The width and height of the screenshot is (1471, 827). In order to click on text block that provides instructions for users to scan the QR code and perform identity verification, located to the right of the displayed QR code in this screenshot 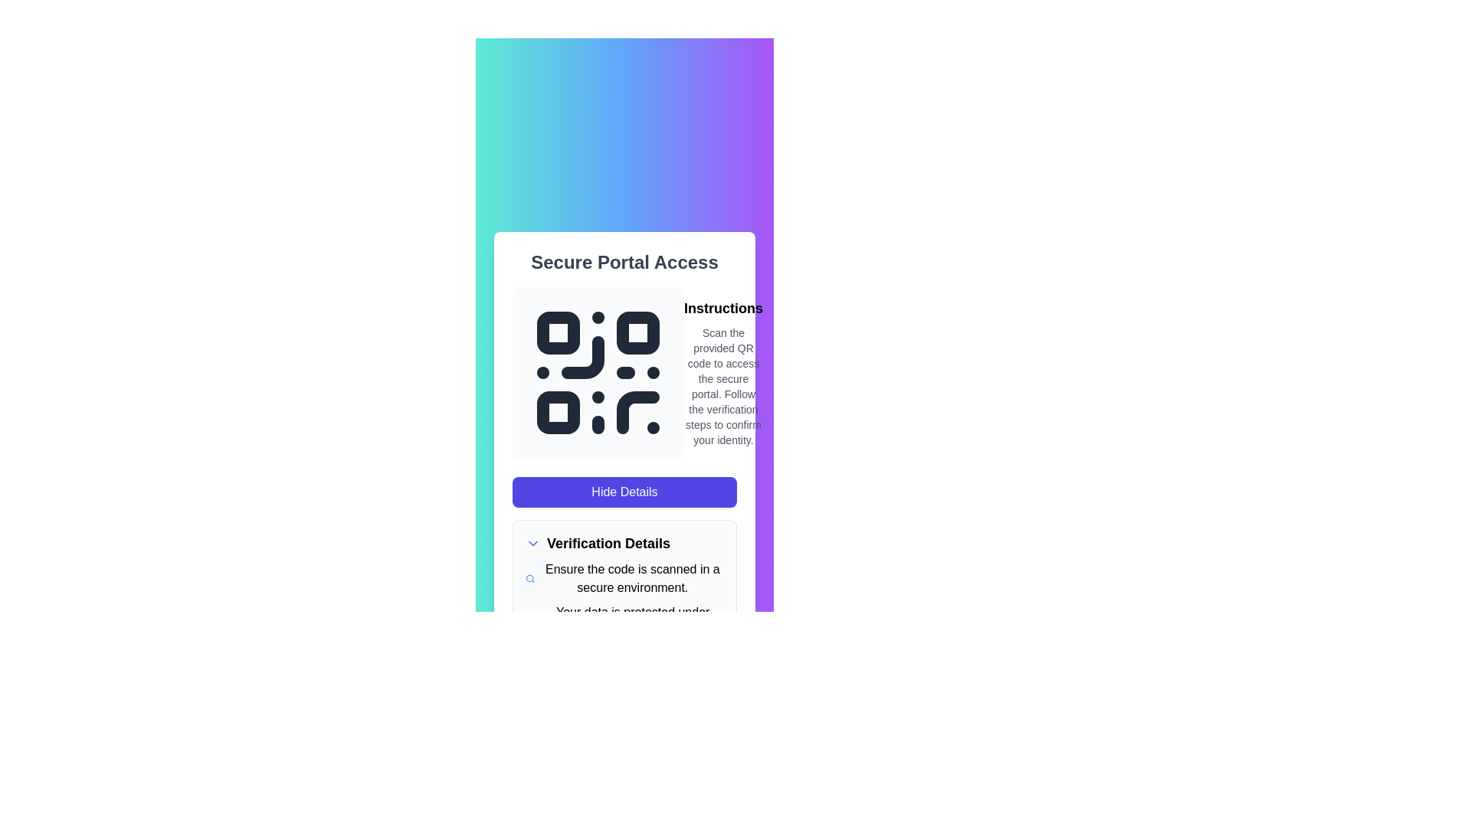, I will do `click(722, 372)`.